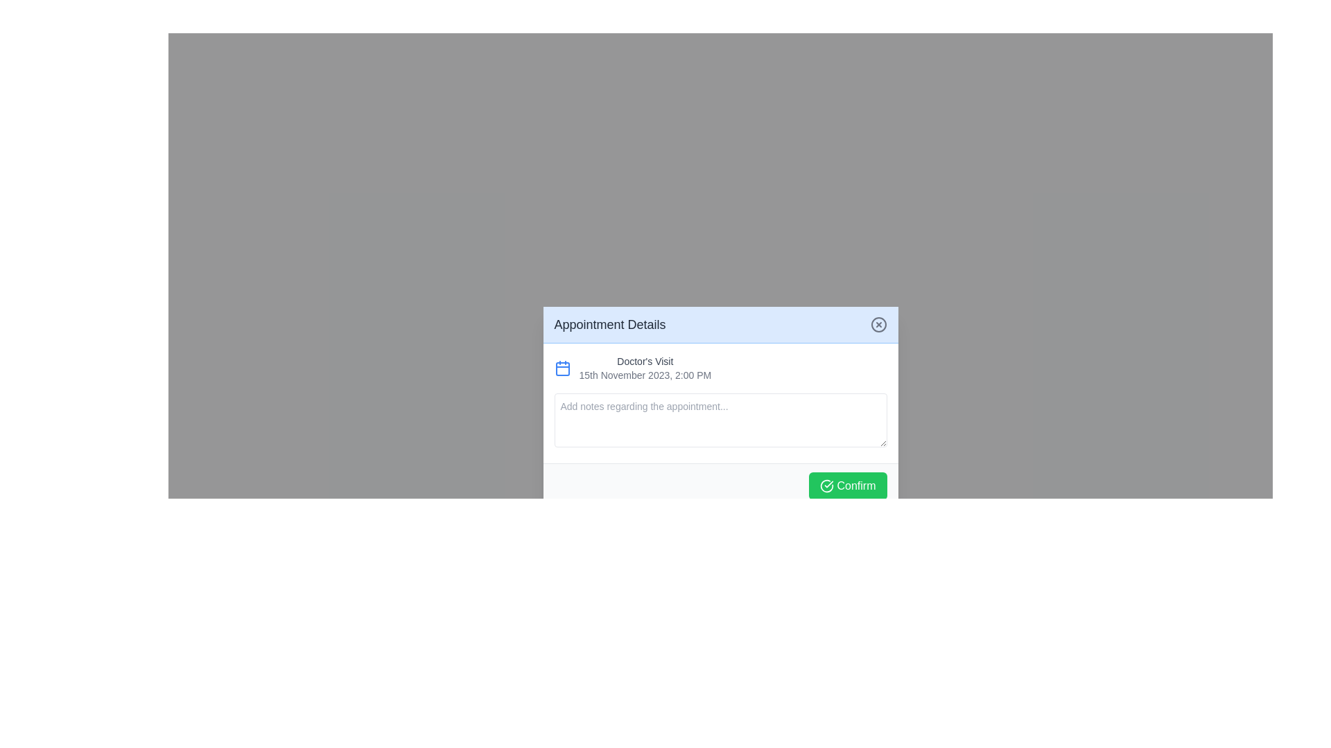 This screenshot has height=748, width=1331. Describe the element at coordinates (878, 324) in the screenshot. I see `the circular button with an 'X' symbol located at the top-right corner of the 'Appointment Details' header section` at that location.